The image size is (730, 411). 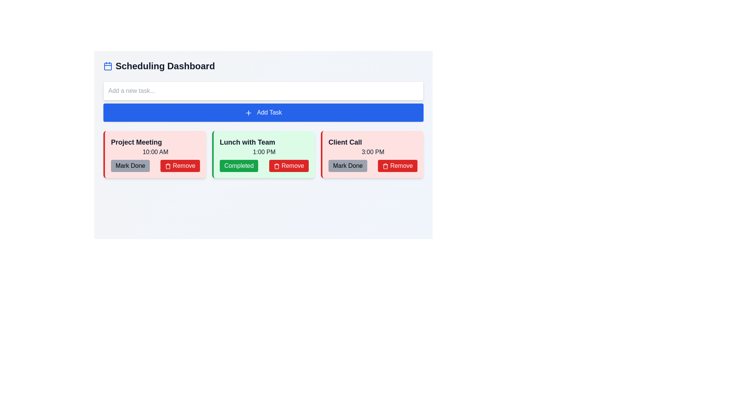 I want to click on the 'Project Meeting' text label for accessibility interaction, so click(x=155, y=142).